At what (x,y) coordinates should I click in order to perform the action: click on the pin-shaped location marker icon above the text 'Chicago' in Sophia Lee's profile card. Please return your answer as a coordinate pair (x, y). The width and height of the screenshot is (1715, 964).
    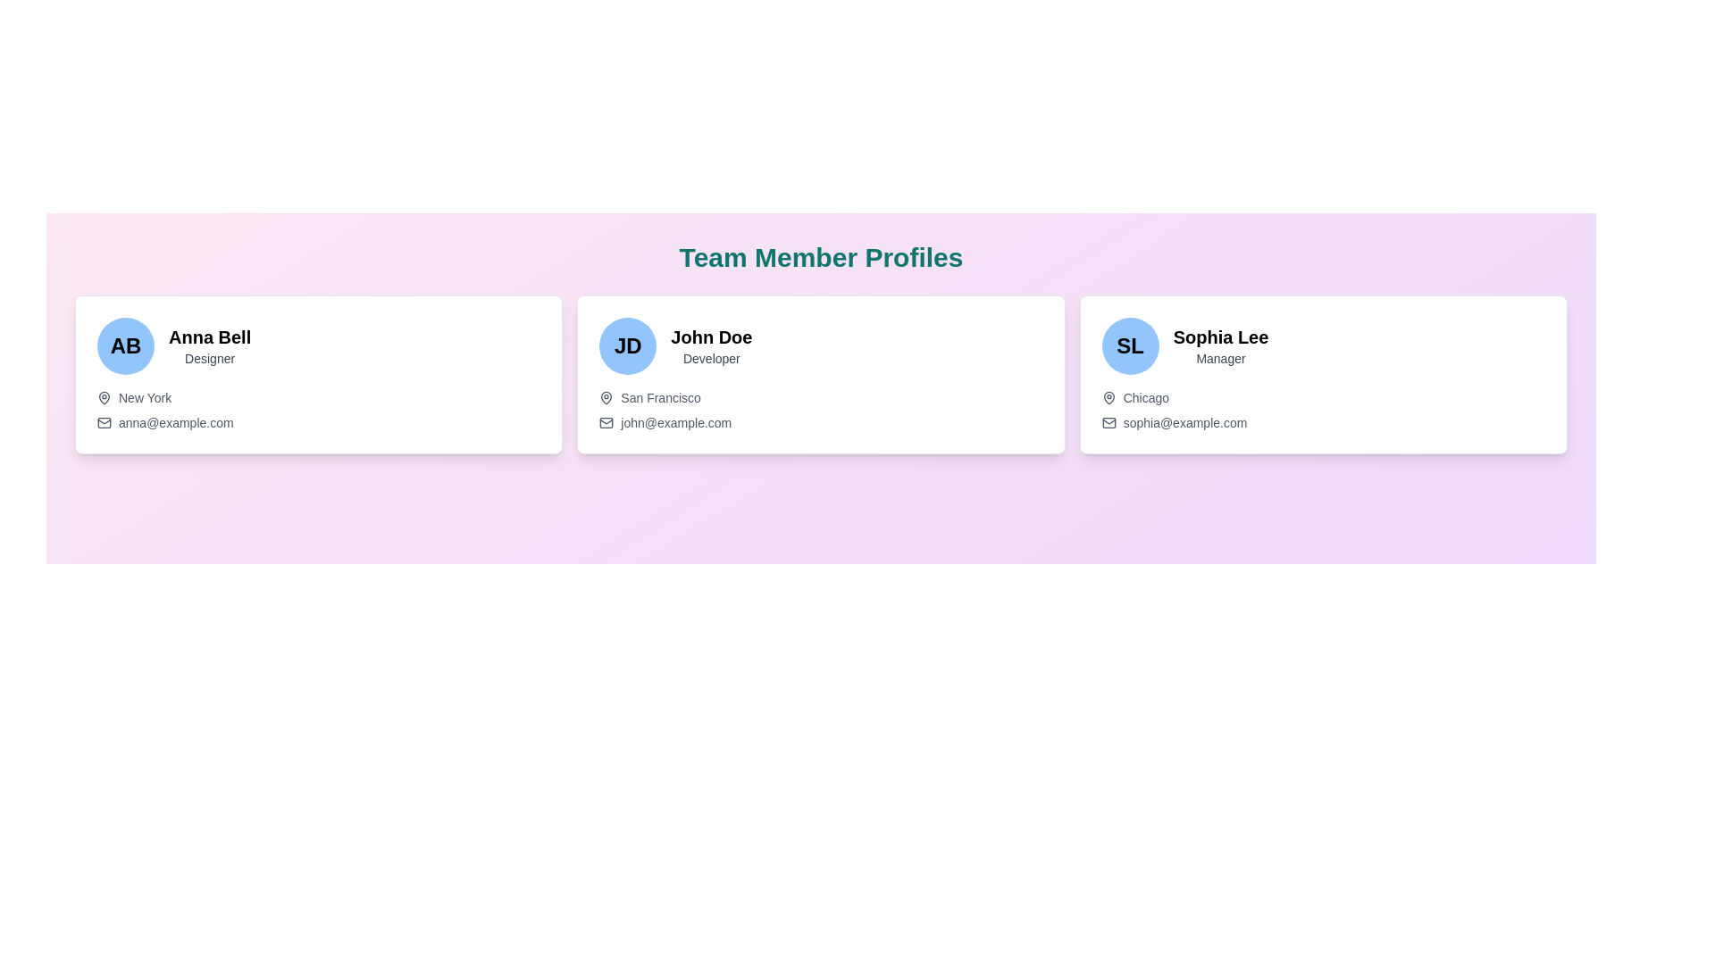
    Looking at the image, I should click on (1108, 397).